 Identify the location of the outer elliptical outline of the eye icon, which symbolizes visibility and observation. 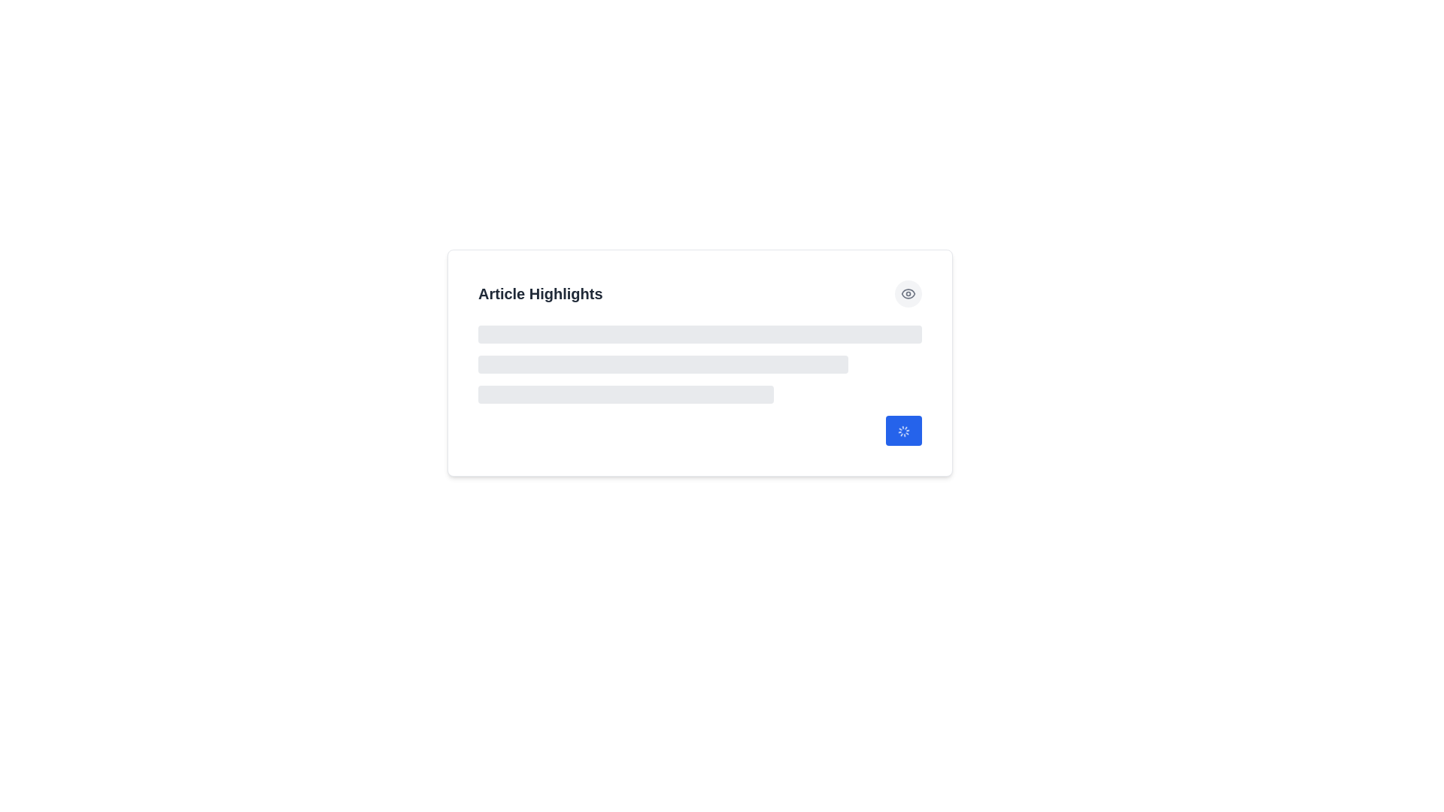
(908, 293).